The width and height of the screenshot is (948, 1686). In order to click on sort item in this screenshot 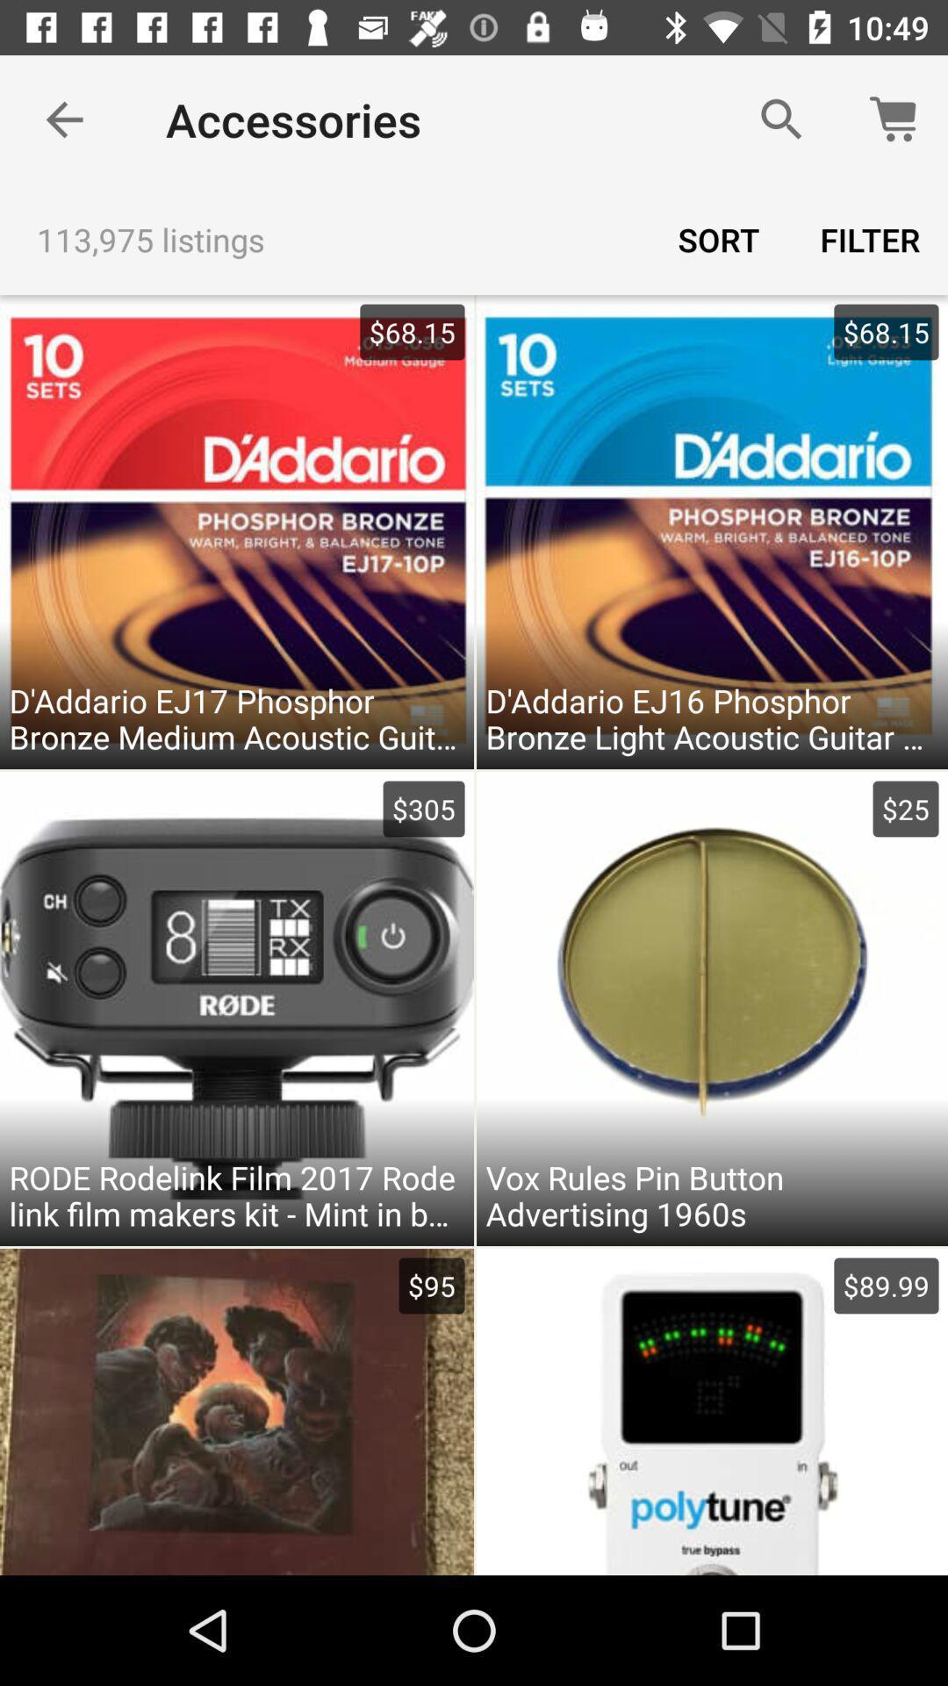, I will do `click(718, 239)`.